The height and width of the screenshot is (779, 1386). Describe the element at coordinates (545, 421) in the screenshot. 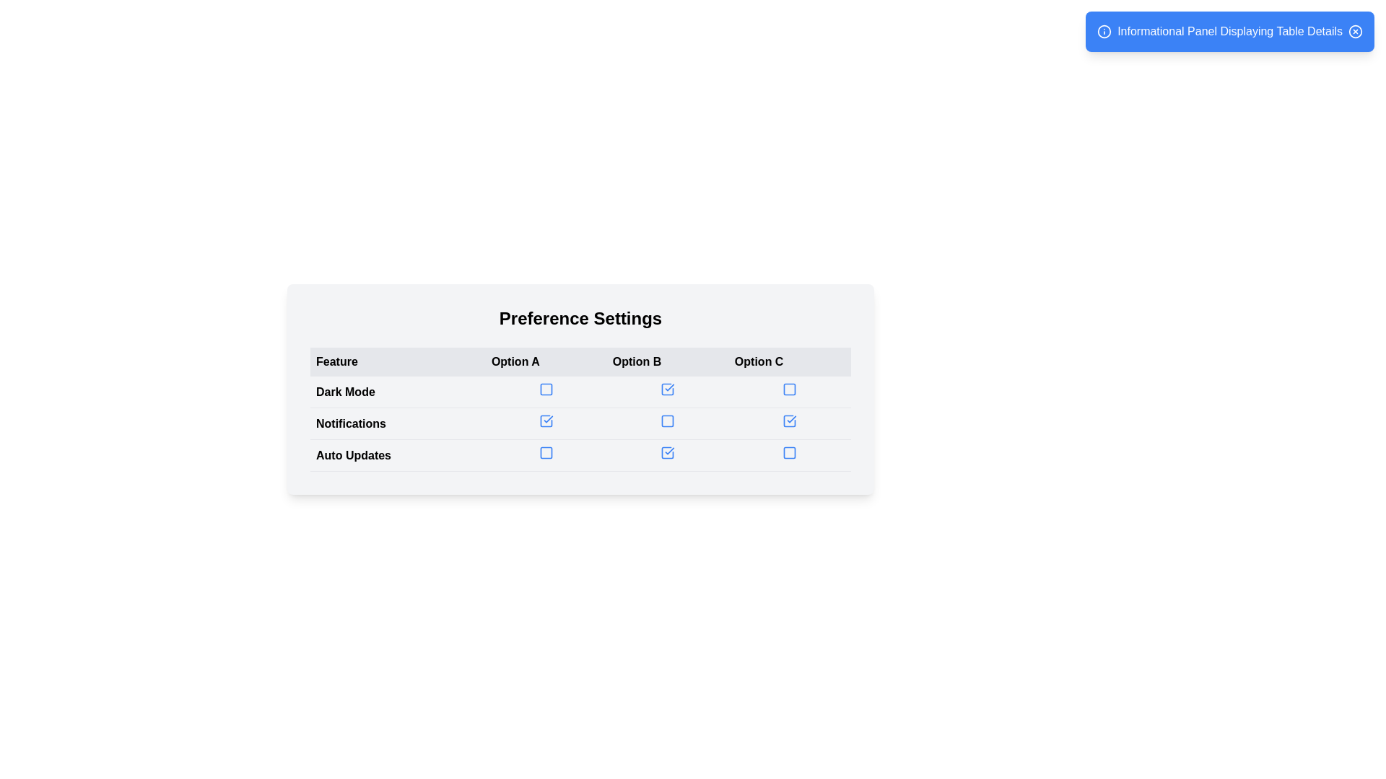

I see `the checked checkbox in the 'Notifications' row and 'Option A' column` at that location.